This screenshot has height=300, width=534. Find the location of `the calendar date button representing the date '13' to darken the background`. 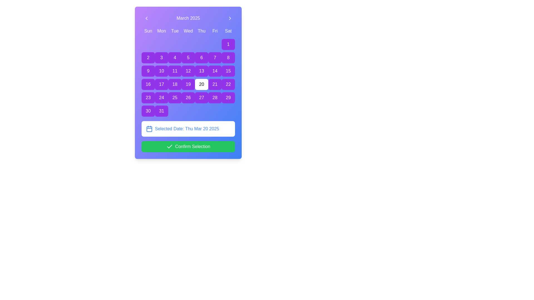

the calendar date button representing the date '13' to darken the background is located at coordinates (201, 71).